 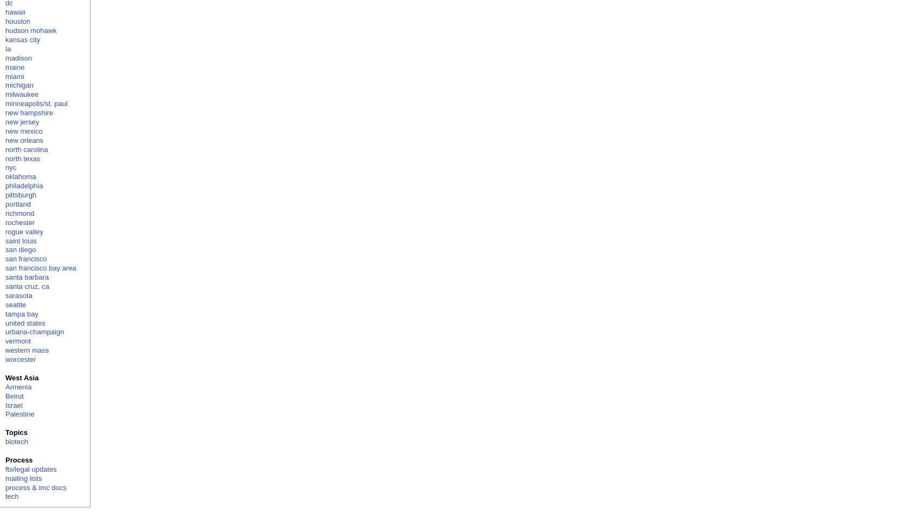 What do you see at coordinates (4, 30) in the screenshot?
I see `'hudson mohawk'` at bounding box center [4, 30].